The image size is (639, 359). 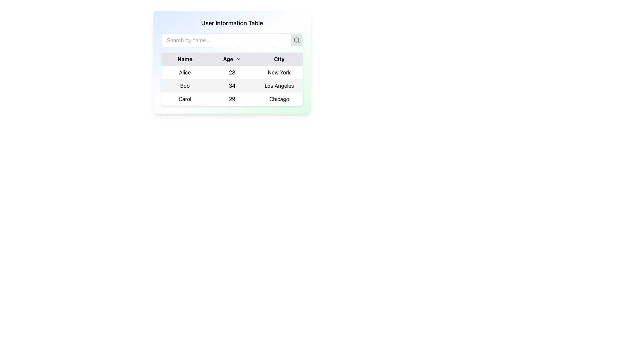 What do you see at coordinates (297, 40) in the screenshot?
I see `the search icon located at the top-right corner of the search bar to initiate a search action` at bounding box center [297, 40].